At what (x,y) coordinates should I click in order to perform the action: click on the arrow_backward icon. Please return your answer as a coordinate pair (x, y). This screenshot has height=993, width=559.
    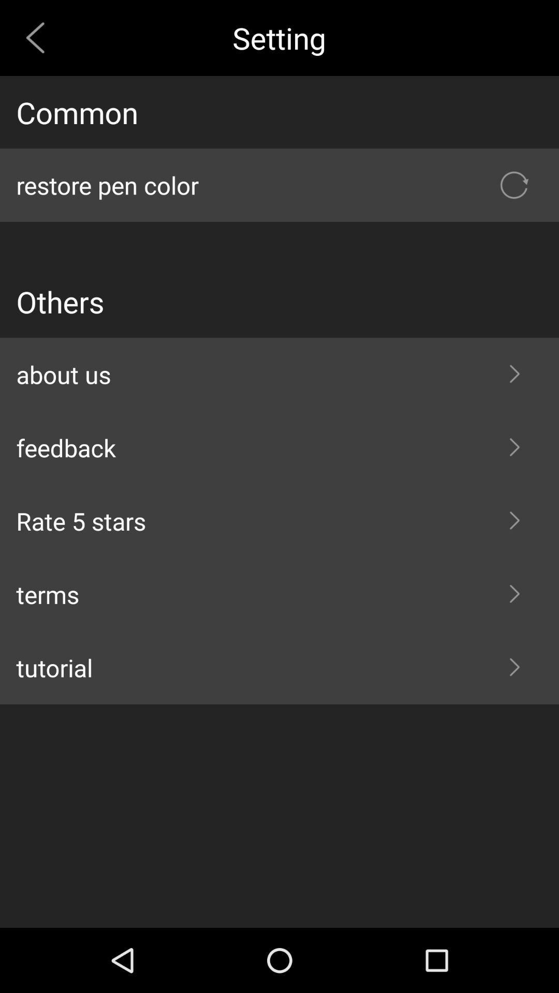
    Looking at the image, I should click on (39, 40).